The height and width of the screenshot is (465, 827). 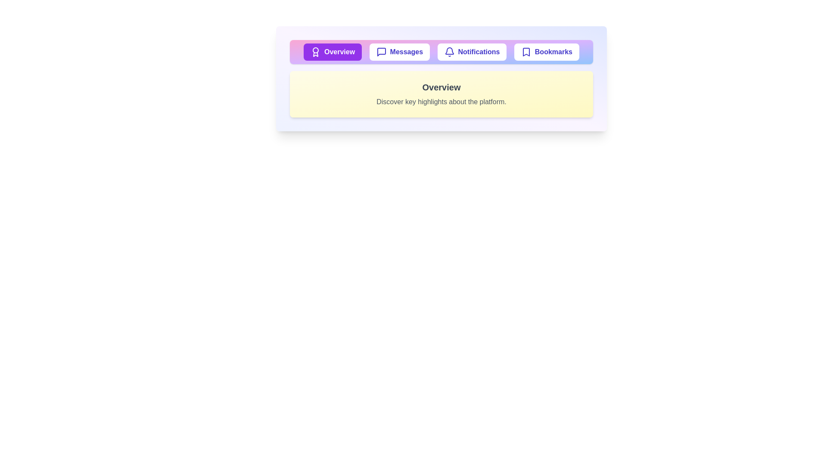 What do you see at coordinates (332, 52) in the screenshot?
I see `the tab labeled Overview` at bounding box center [332, 52].